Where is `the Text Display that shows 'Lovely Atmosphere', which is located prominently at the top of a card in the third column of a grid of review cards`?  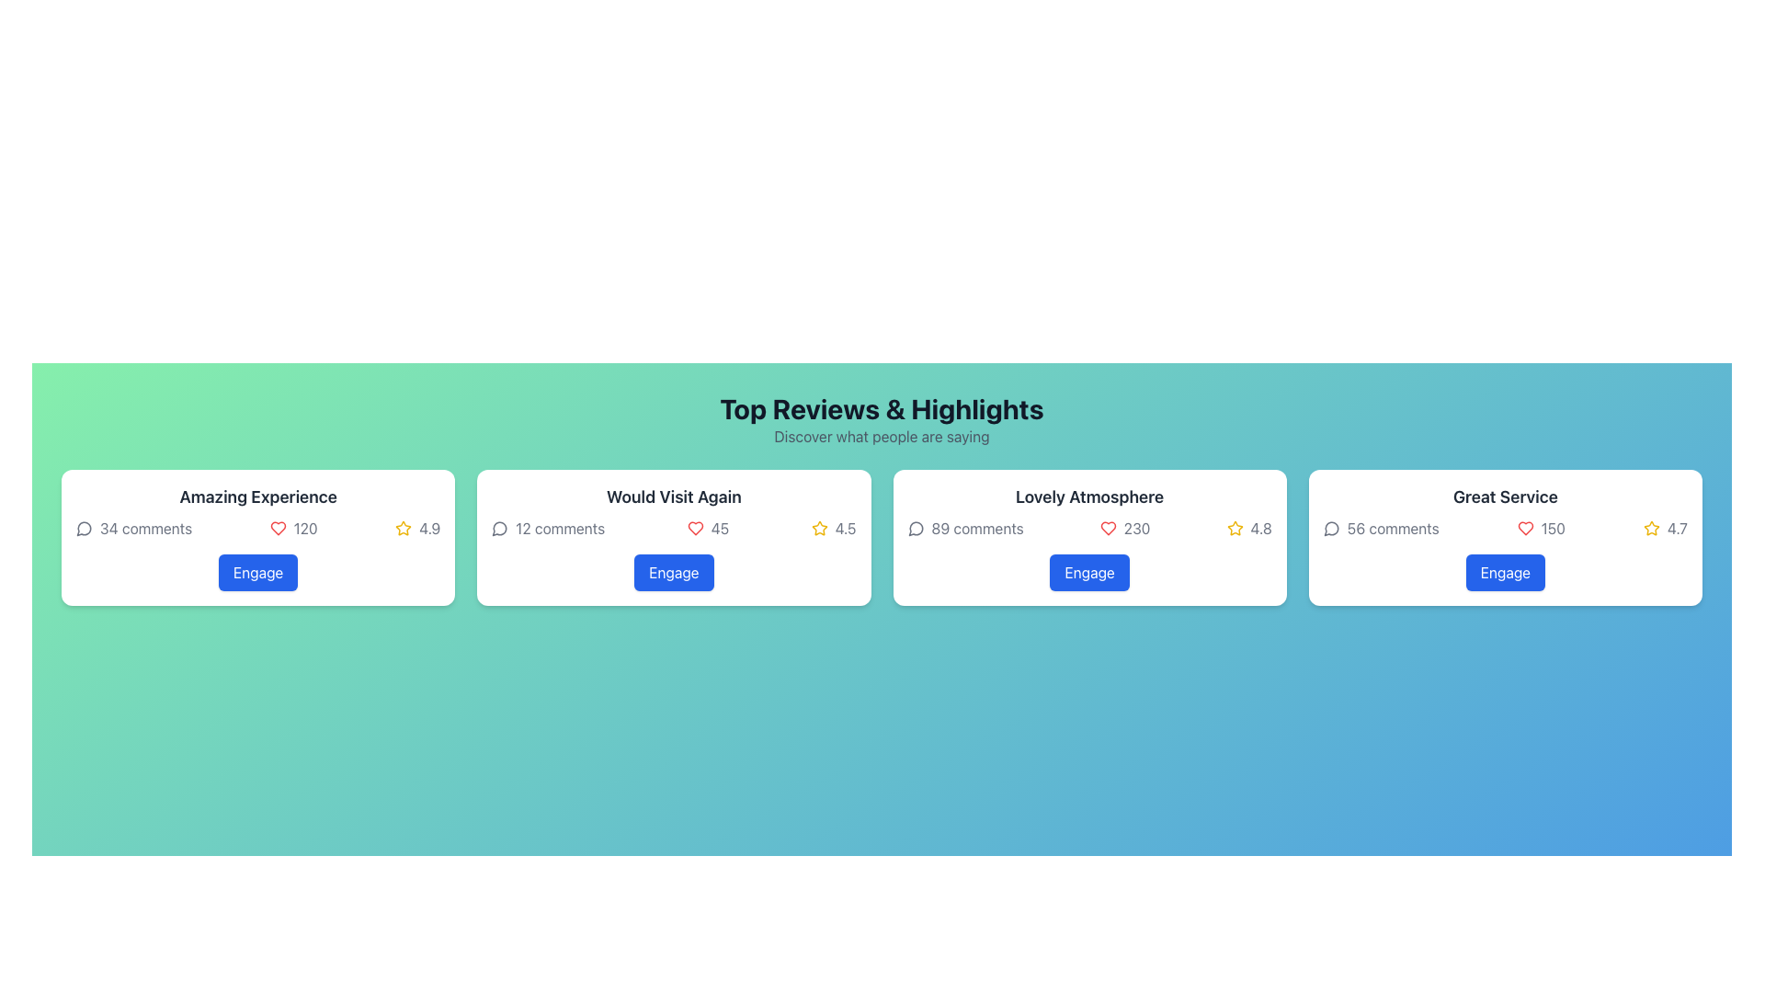
the Text Display that shows 'Lovely Atmosphere', which is located prominently at the top of a card in the third column of a grid of review cards is located at coordinates (1089, 496).